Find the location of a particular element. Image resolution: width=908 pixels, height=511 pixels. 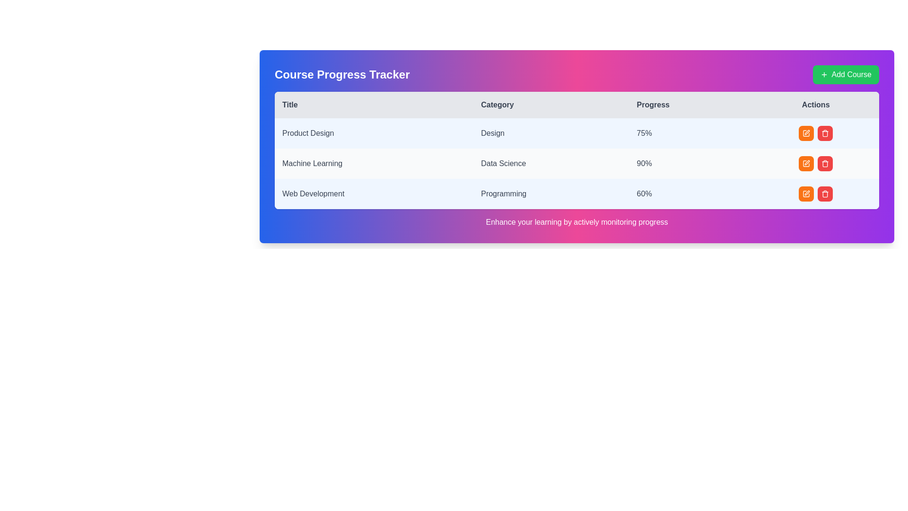

the red delete button with a trash can icon, located in the last row of the actions column under the 'Web Development' section is located at coordinates (825, 193).